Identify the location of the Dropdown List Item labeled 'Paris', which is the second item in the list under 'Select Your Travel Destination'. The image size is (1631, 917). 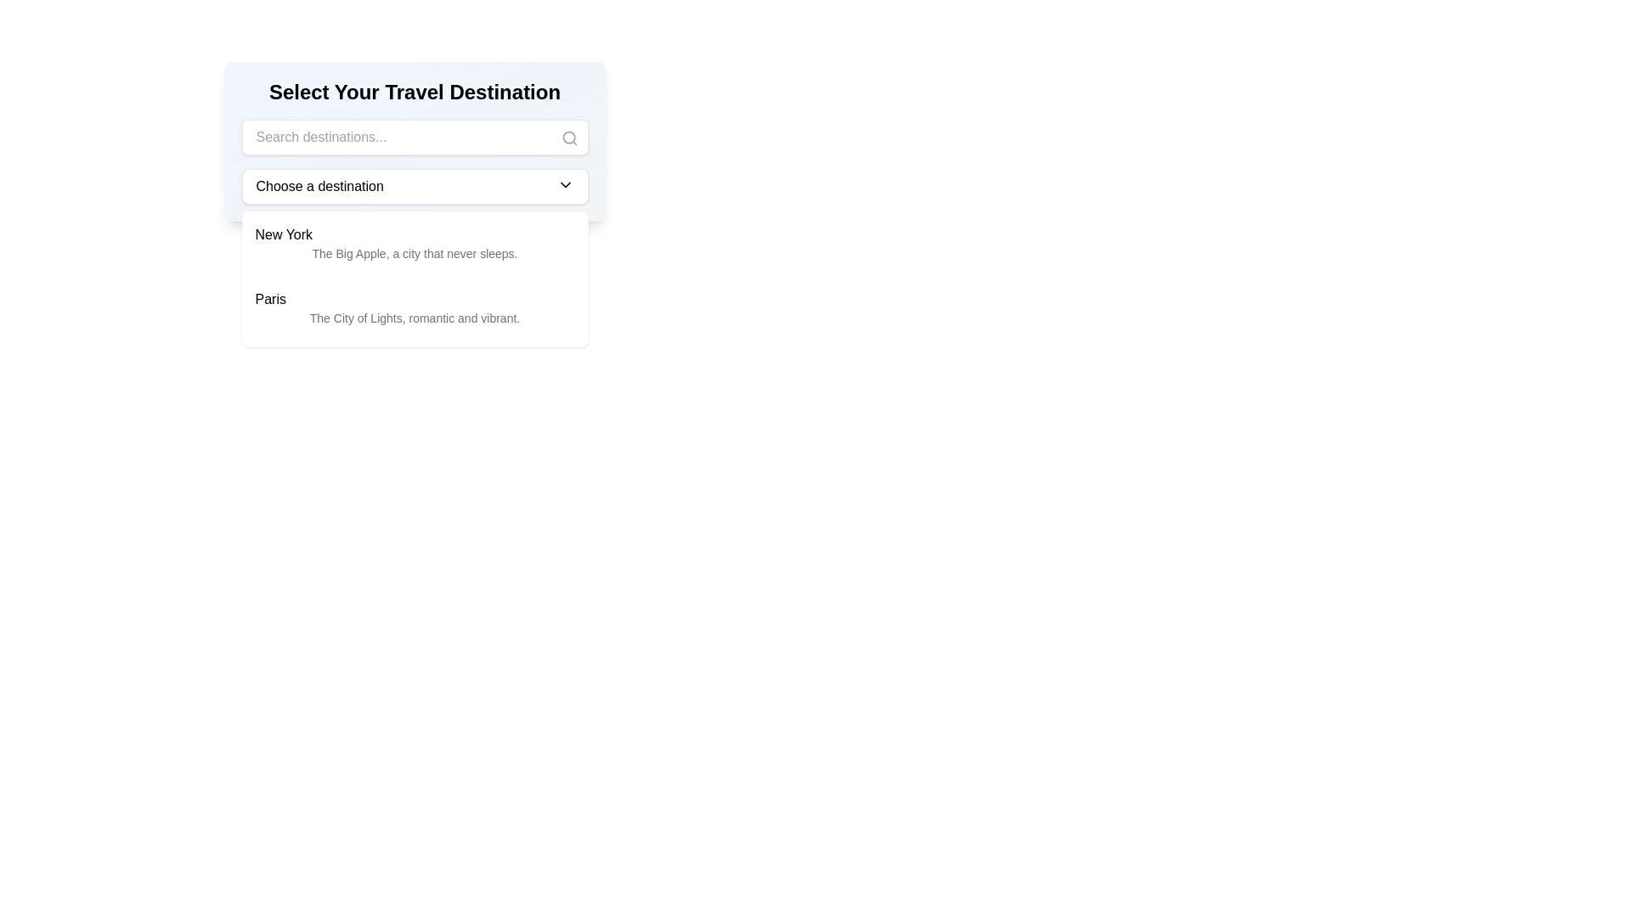
(415, 307).